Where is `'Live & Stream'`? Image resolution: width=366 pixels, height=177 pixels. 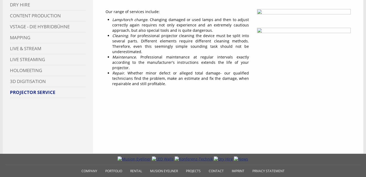
'Live & Stream' is located at coordinates (25, 48).